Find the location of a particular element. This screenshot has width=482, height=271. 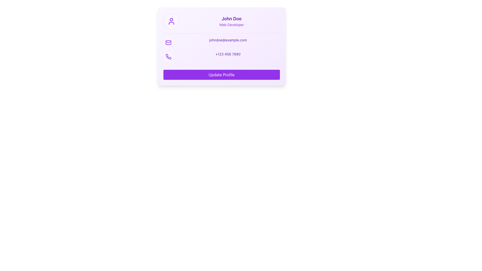

the phone contact icon, which is the third icon in a vertical group to the left of the profile card, positioned below the envelope icon and above the 'Update Profile' button is located at coordinates (168, 56).